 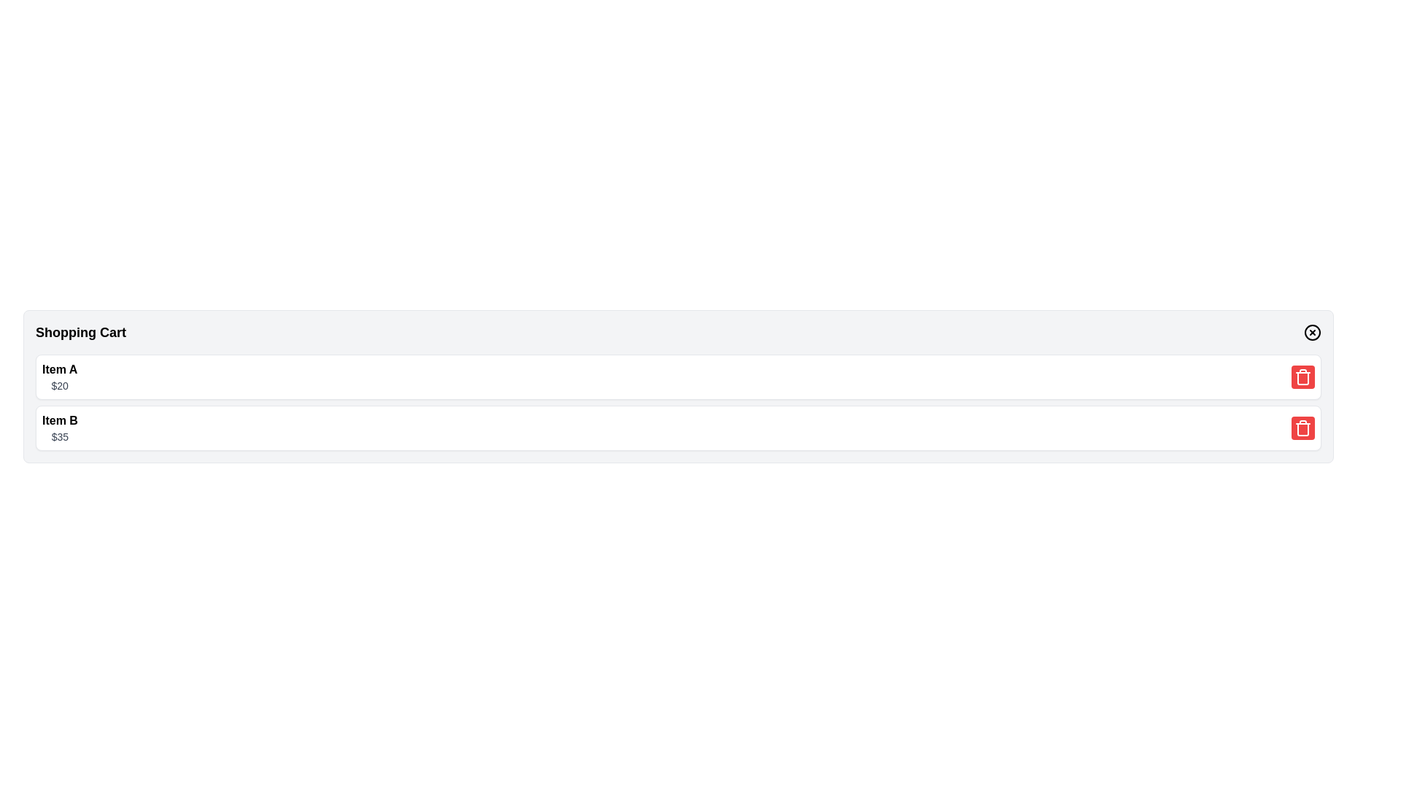 What do you see at coordinates (59, 427) in the screenshot?
I see `item's name and price displayed in the text area for 'Item B' located in the middle-left section of the shopping cart interface` at bounding box center [59, 427].